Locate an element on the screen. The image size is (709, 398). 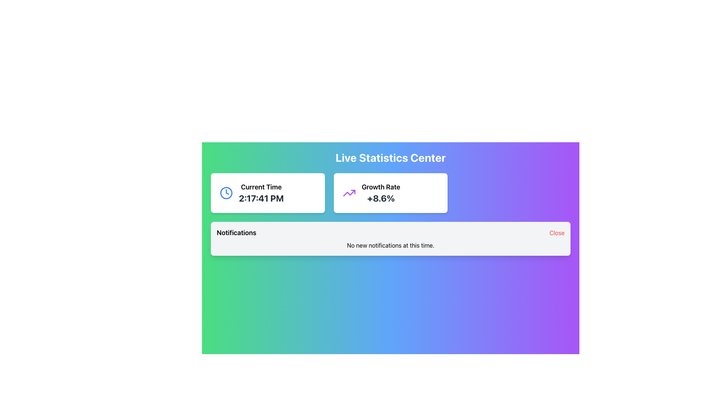
the close button located at the far right end of the notification bar, adjacent to the label 'Notifications' is located at coordinates (556, 233).